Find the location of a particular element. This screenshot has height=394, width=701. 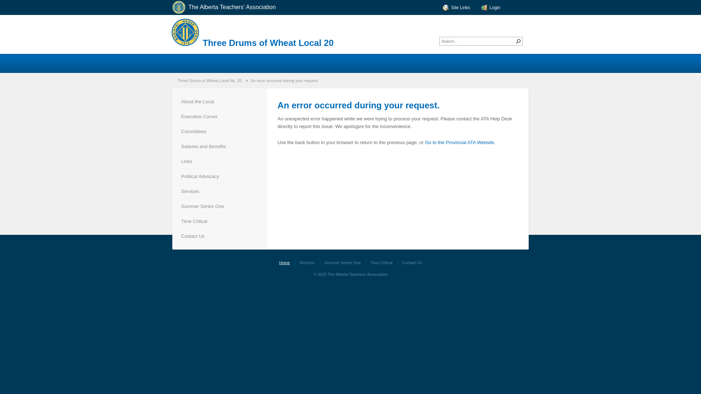

'About the Local' is located at coordinates (178, 101).